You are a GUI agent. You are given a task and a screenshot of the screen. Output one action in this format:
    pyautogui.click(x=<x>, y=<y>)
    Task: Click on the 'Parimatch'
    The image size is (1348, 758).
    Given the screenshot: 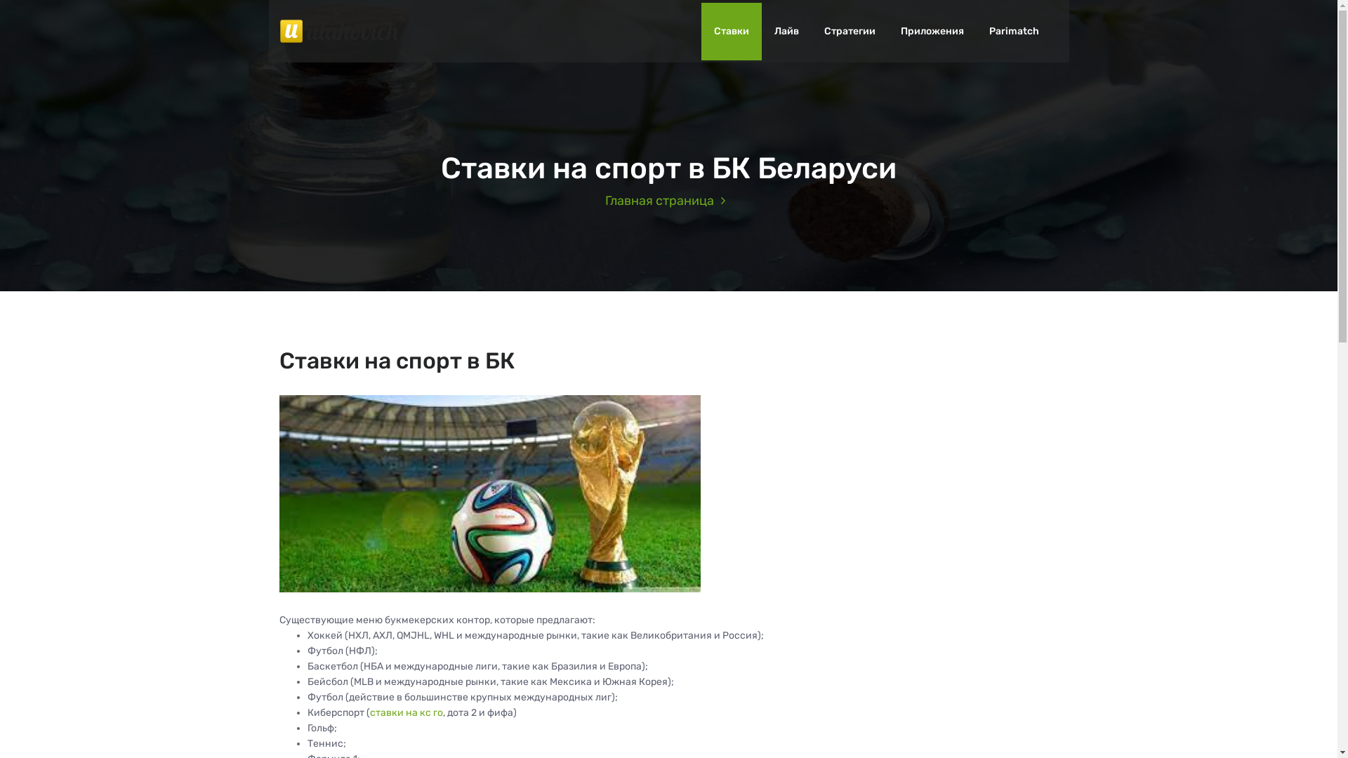 What is the action you would take?
    pyautogui.click(x=975, y=32)
    